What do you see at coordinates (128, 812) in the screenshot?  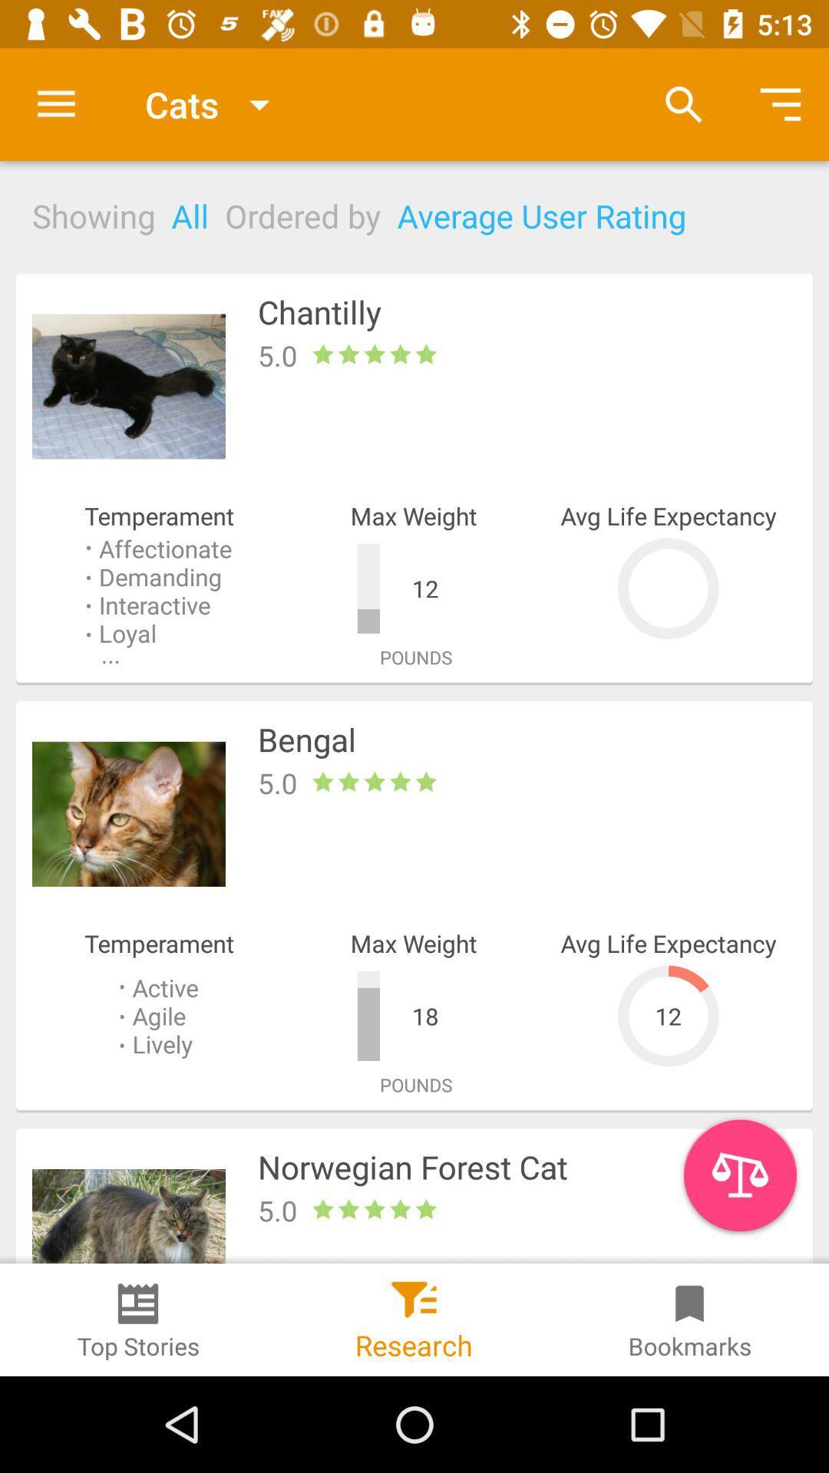 I see `the second image above the temperament text` at bounding box center [128, 812].